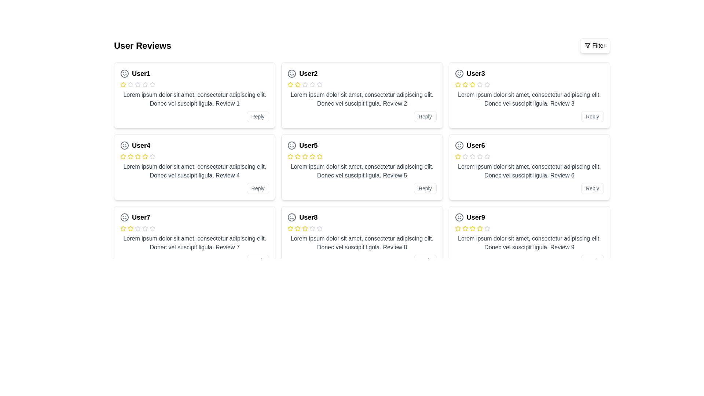 Image resolution: width=704 pixels, height=396 pixels. I want to click on the fifth star-shaped yellow icon in the rating system for 'User5', so click(312, 156).